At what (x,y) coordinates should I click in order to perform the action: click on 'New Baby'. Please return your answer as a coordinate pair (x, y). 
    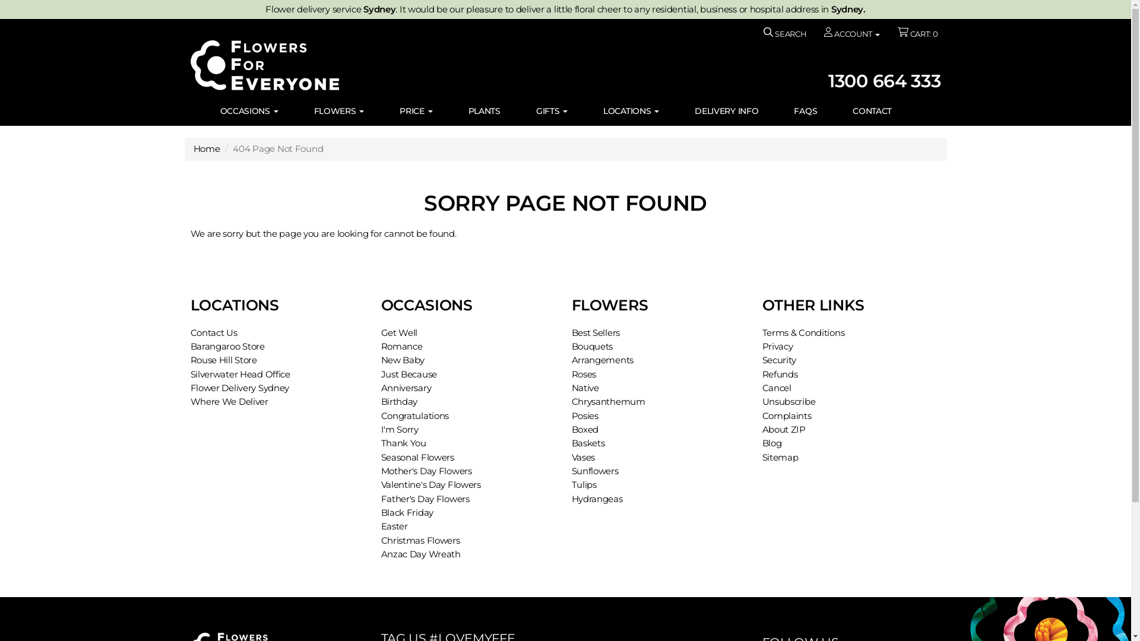
    Looking at the image, I should click on (381, 359).